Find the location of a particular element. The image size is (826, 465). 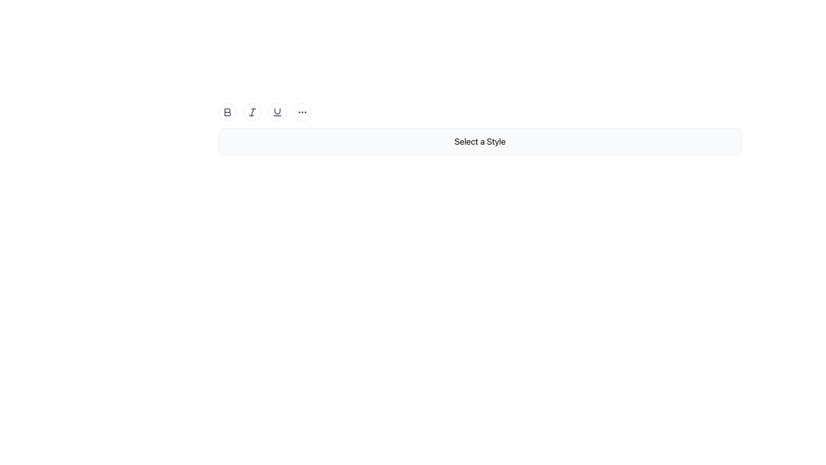

the triple-dot icon located at the center of the toolbar section is located at coordinates (302, 112).